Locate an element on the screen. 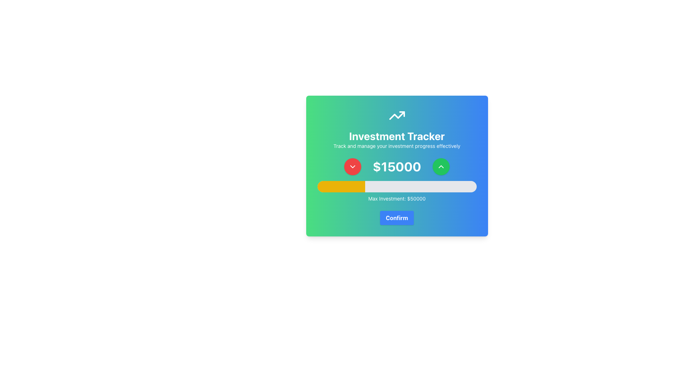  the upward trend icon, which is a clean and modern design with a white angular line and arrowhead, located above the 'Investment Tracker' text is located at coordinates (396, 115).